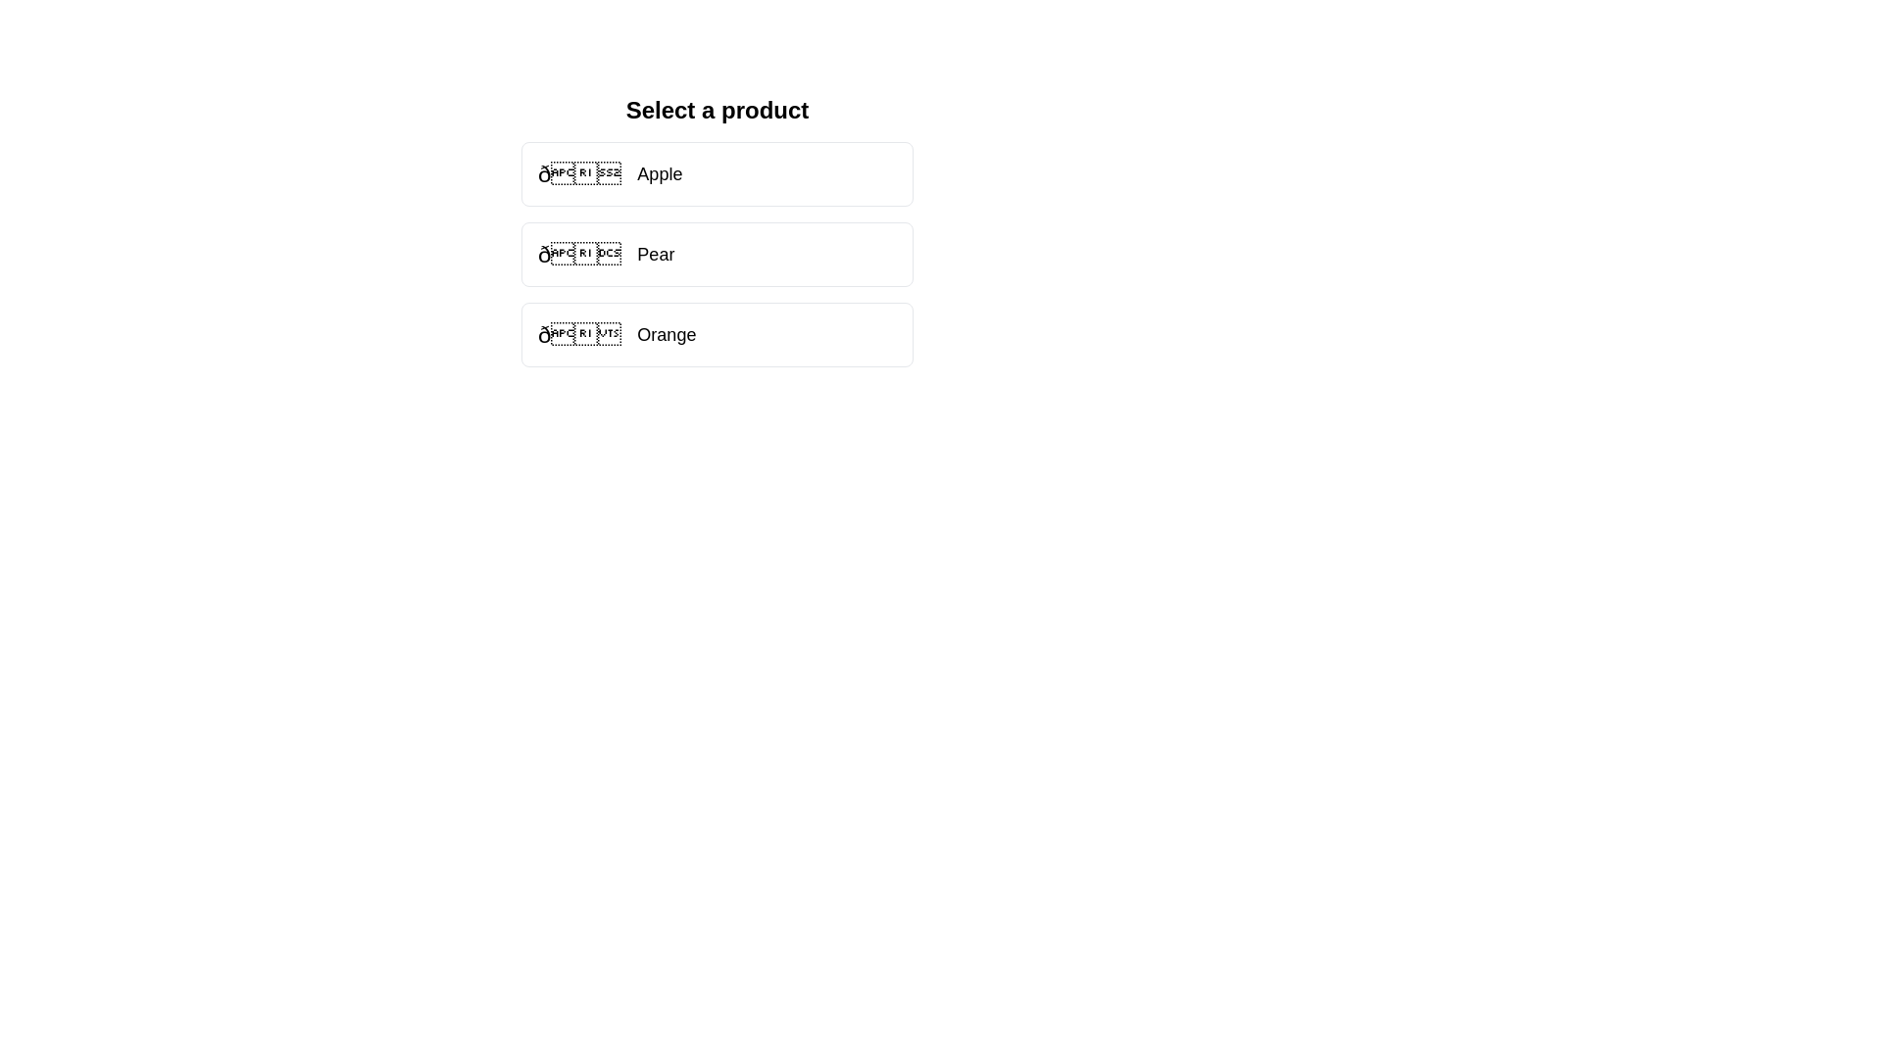 Image resolution: width=1882 pixels, height=1058 pixels. What do you see at coordinates (609, 172) in the screenshot?
I see `the text display showing the apple emoji followed by the word 'Apple'` at bounding box center [609, 172].